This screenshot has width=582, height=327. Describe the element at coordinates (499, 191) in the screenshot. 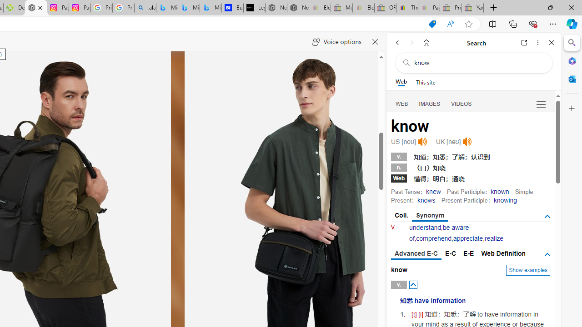

I see `'known'` at that location.